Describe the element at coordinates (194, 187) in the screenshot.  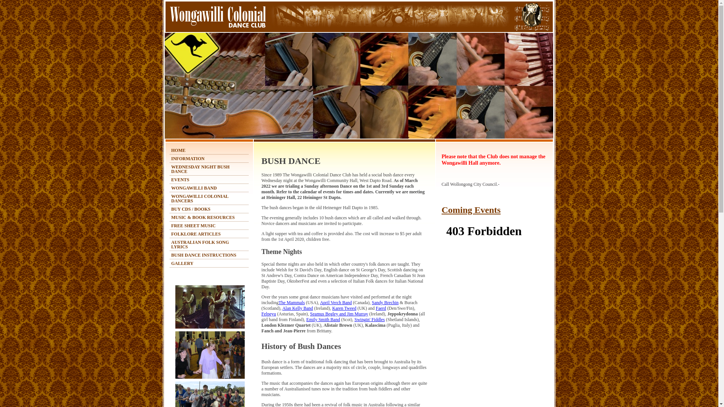
I see `'WONGAWILLI BAND'` at that location.